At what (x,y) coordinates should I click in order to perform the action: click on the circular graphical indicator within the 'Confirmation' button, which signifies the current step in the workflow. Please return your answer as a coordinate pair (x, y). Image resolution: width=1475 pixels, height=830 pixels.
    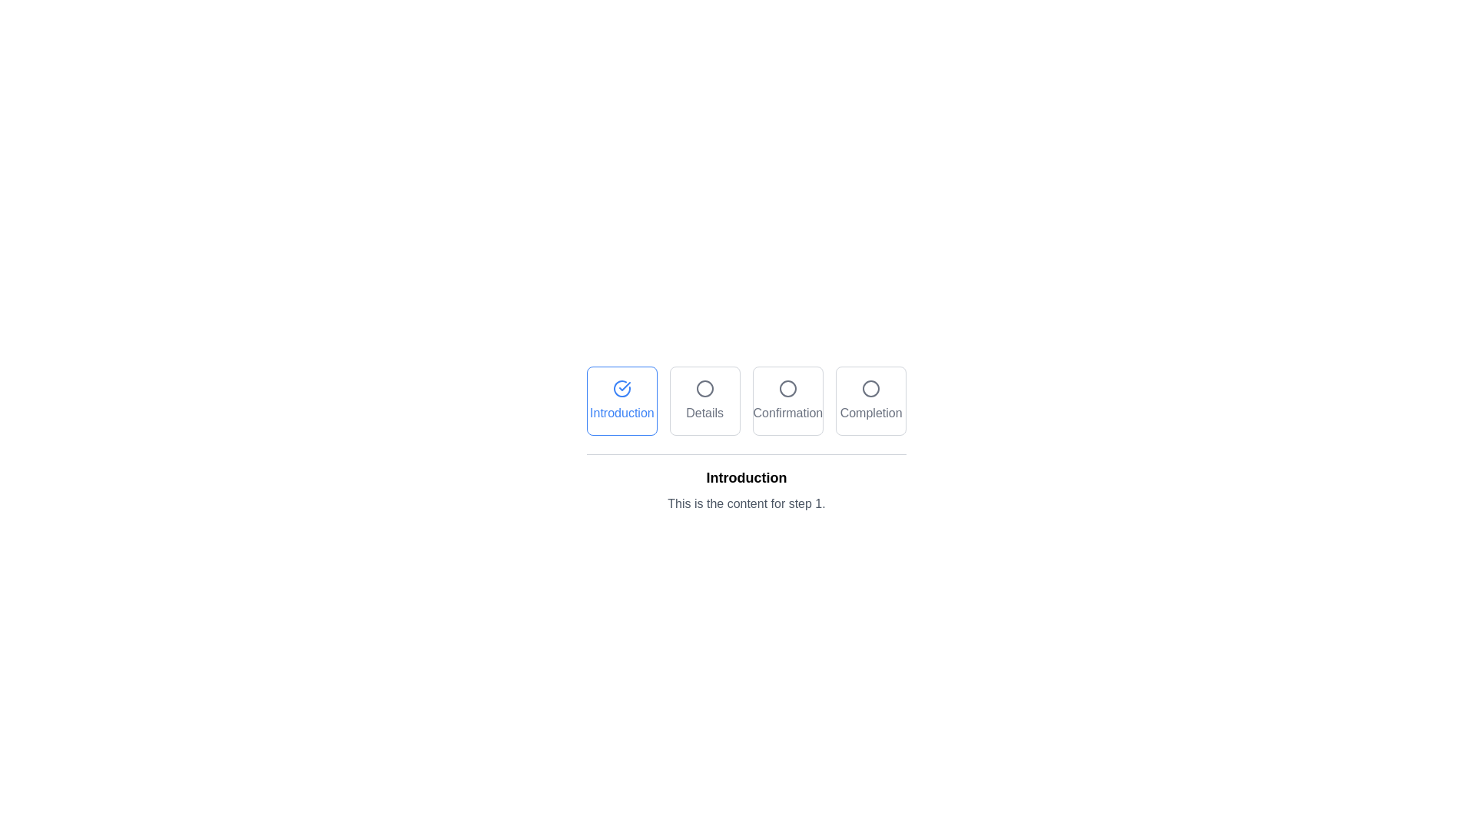
    Looking at the image, I should click on (787, 387).